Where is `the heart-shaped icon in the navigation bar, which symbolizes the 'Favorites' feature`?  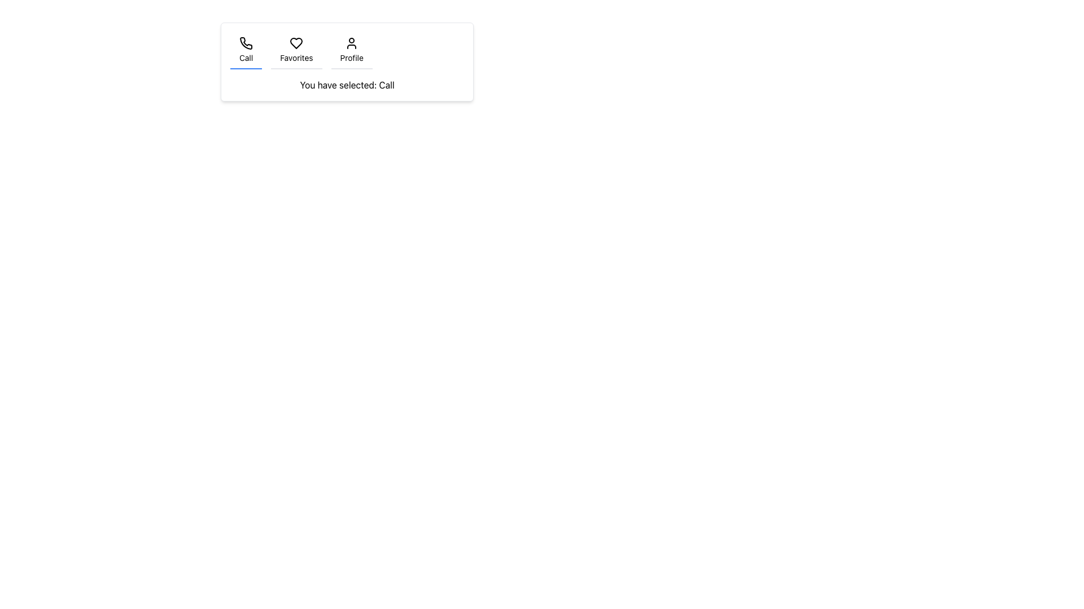 the heart-shaped icon in the navigation bar, which symbolizes the 'Favorites' feature is located at coordinates (296, 43).